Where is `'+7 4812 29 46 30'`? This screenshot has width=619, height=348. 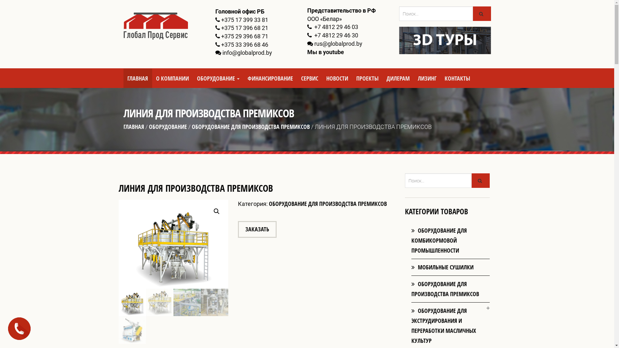 '+7 4812 29 46 30' is located at coordinates (335, 35).